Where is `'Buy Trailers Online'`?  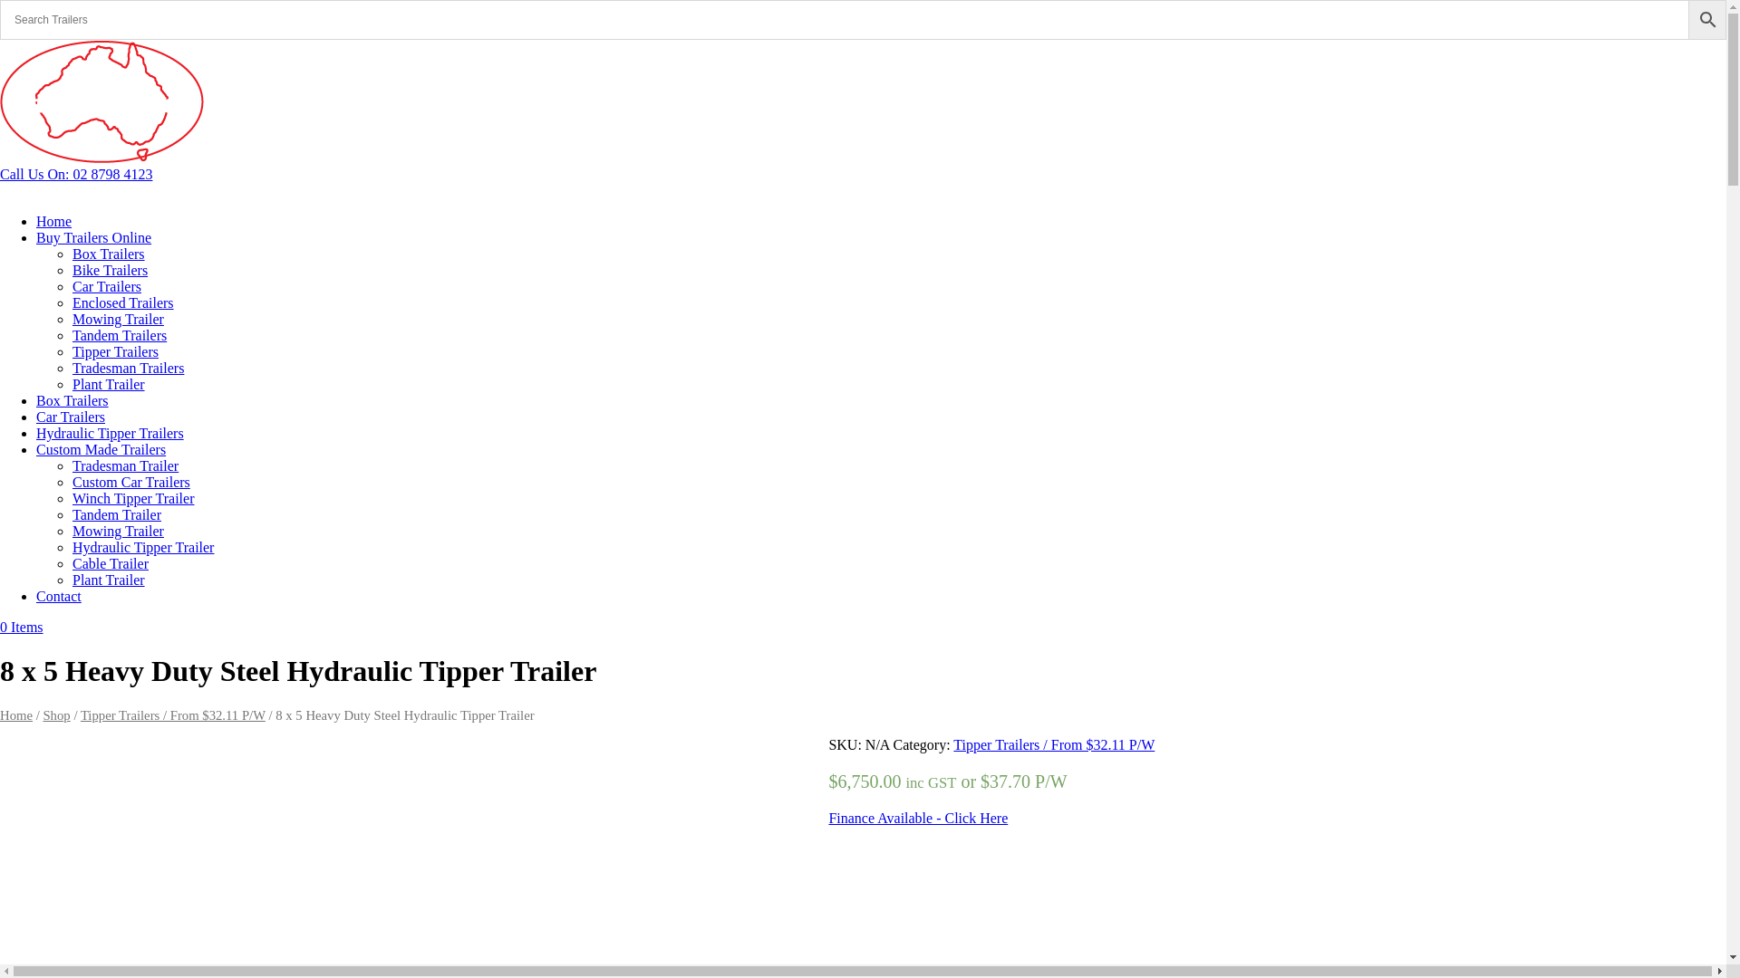 'Buy Trailers Online' is located at coordinates (92, 236).